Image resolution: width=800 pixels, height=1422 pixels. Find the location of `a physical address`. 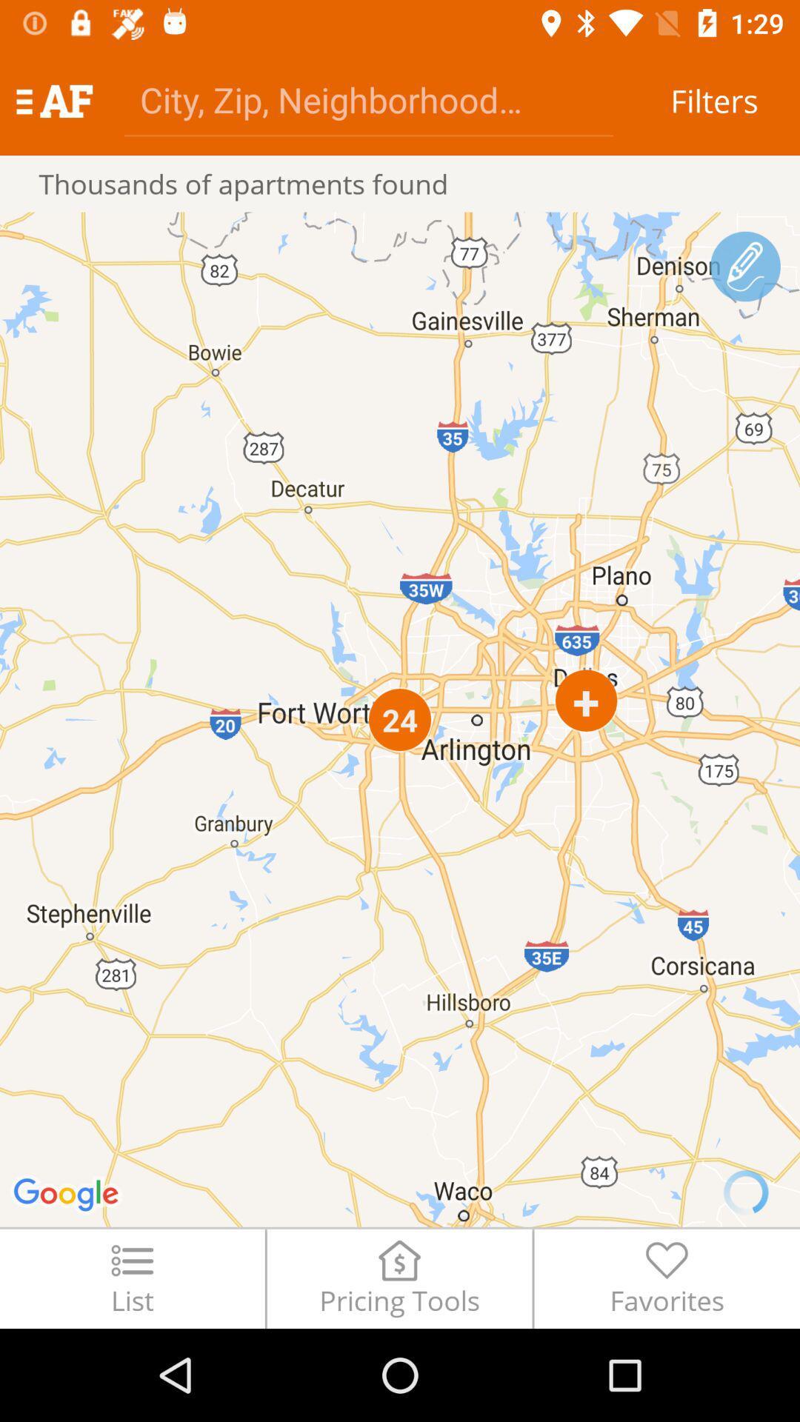

a physical address is located at coordinates (367, 99).